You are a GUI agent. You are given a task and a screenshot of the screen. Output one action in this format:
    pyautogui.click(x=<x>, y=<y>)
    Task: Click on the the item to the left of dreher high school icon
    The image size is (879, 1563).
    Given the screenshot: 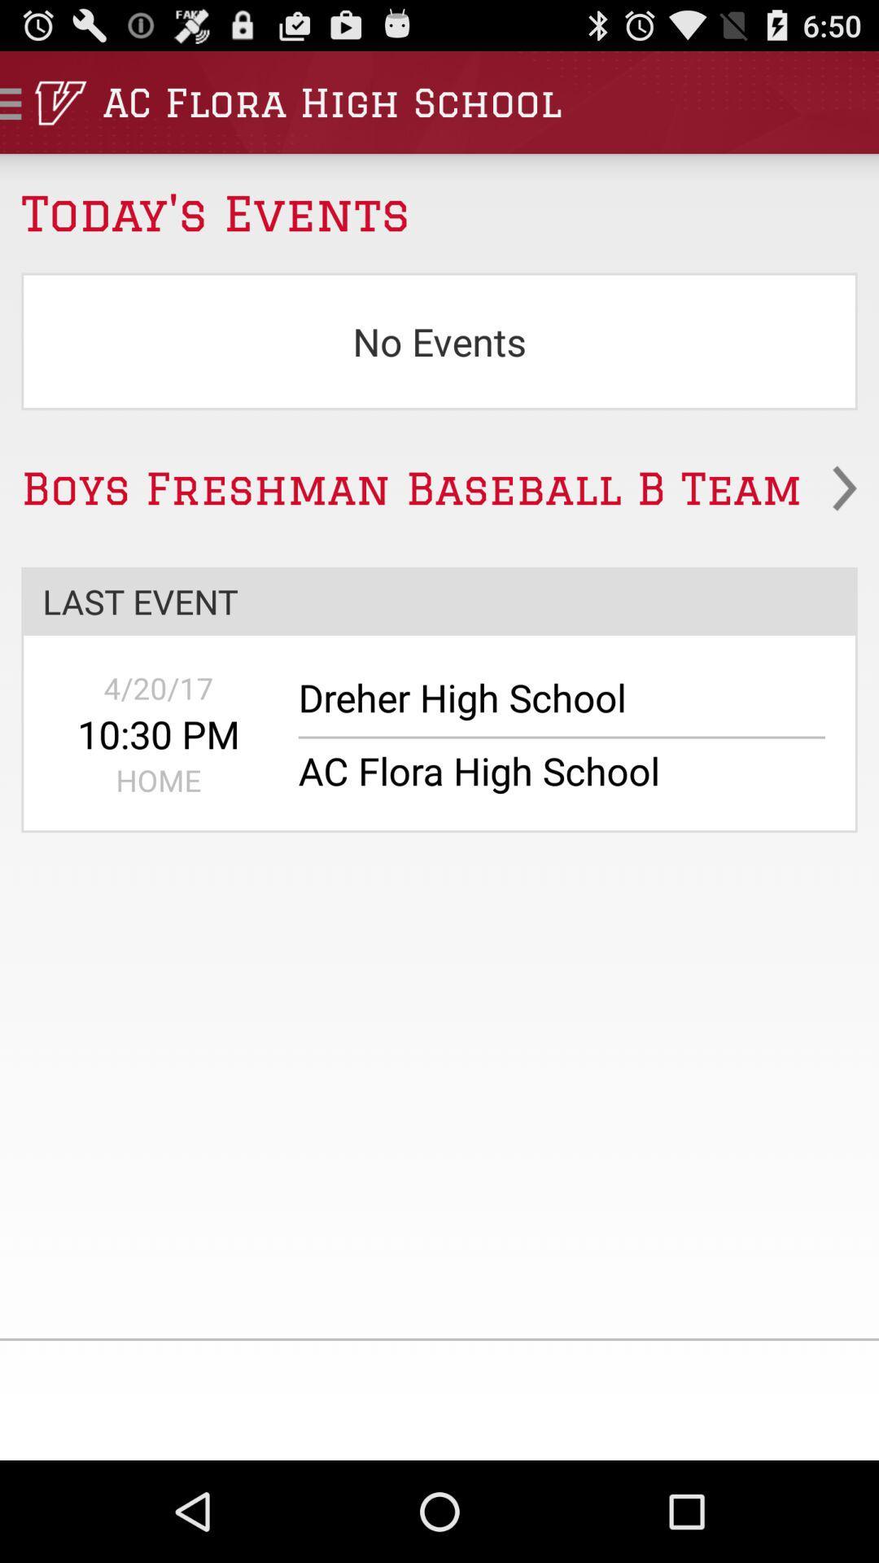 What is the action you would take?
    pyautogui.click(x=159, y=733)
    